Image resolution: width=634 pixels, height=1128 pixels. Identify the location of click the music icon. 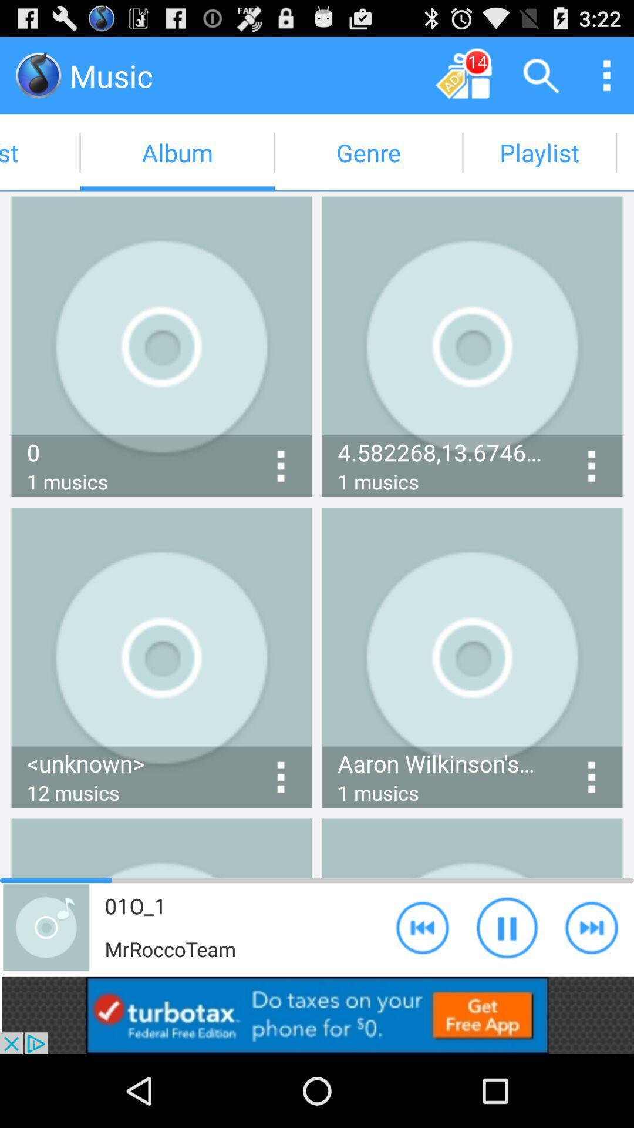
(38, 75).